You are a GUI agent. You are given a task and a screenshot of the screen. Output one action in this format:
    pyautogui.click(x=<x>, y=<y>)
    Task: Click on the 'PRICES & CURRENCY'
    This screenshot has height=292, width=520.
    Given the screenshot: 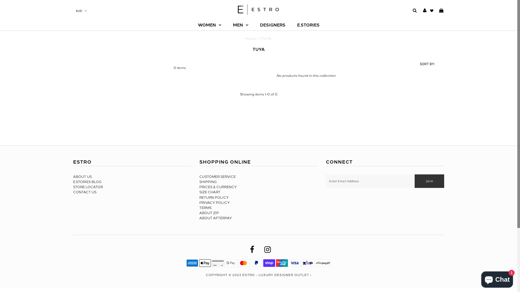 What is the action you would take?
    pyautogui.click(x=218, y=187)
    